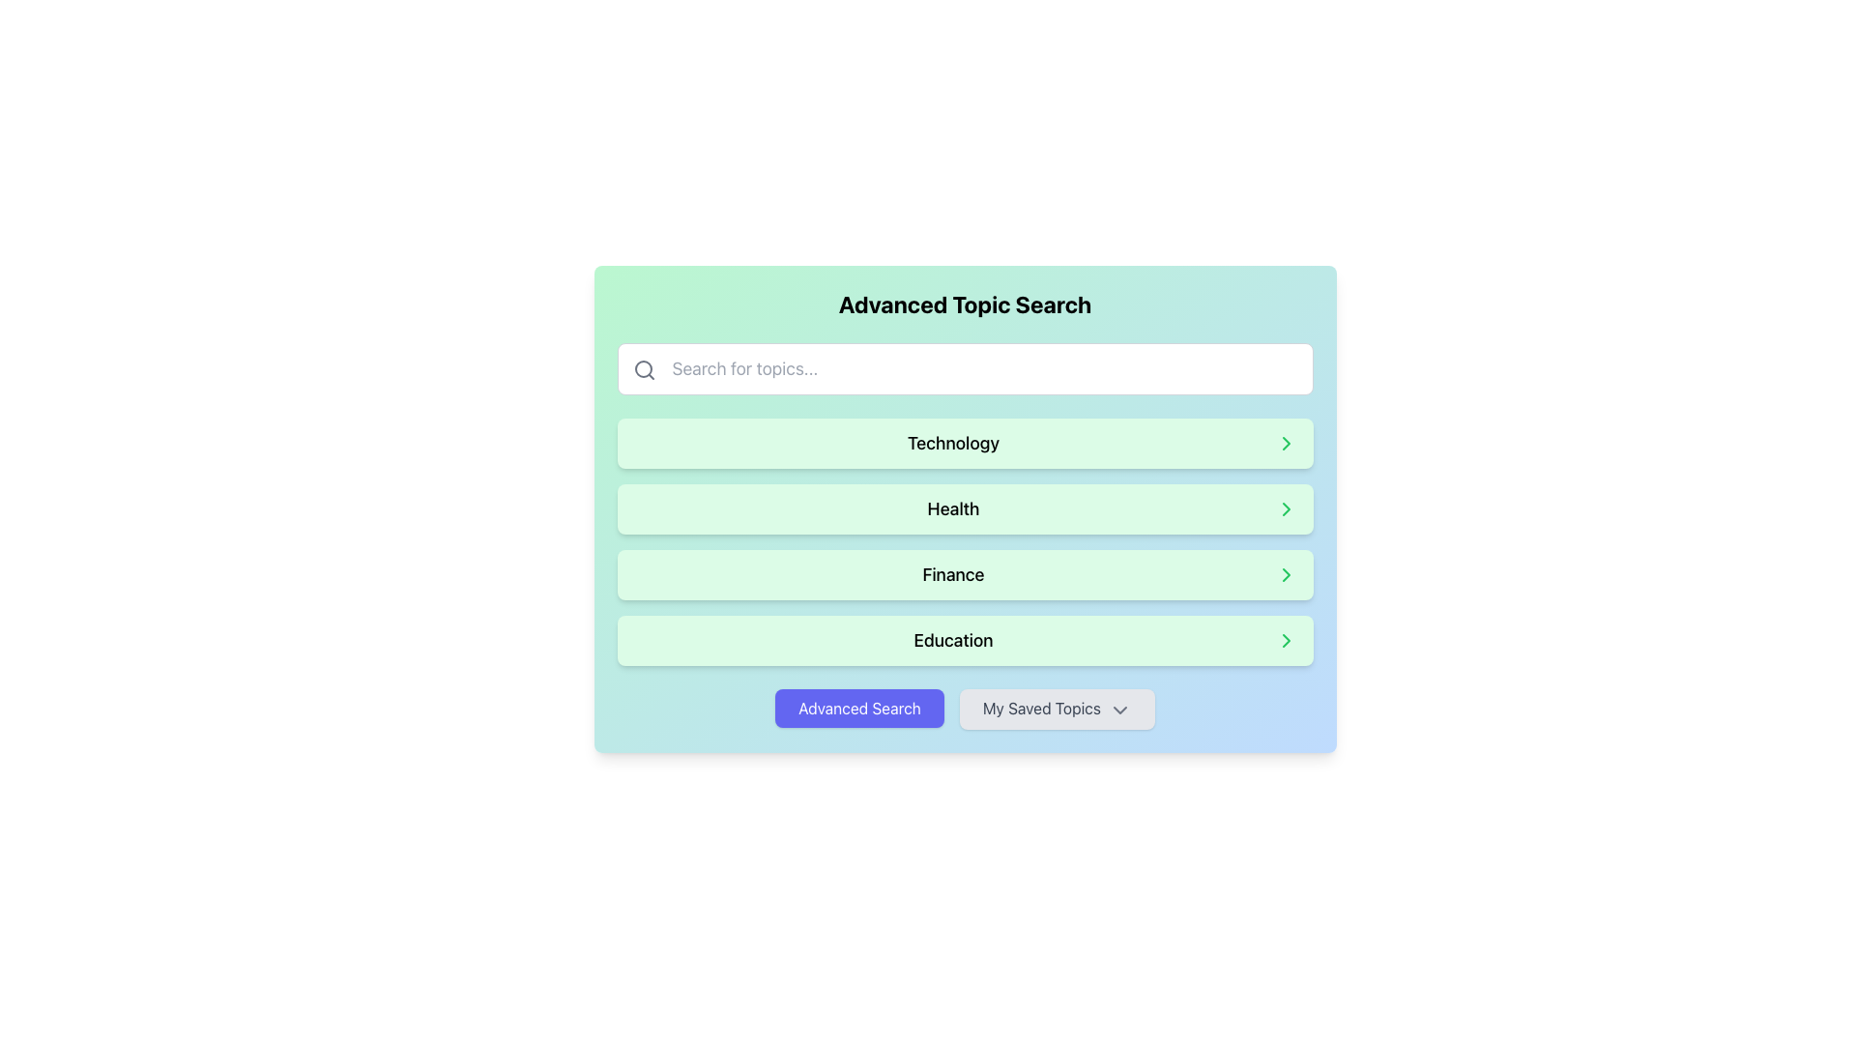 The height and width of the screenshot is (1044, 1856). Describe the element at coordinates (643, 368) in the screenshot. I see `the inner circle of the magnifying glass search icon, which is a decorative SVG element within the search bar` at that location.